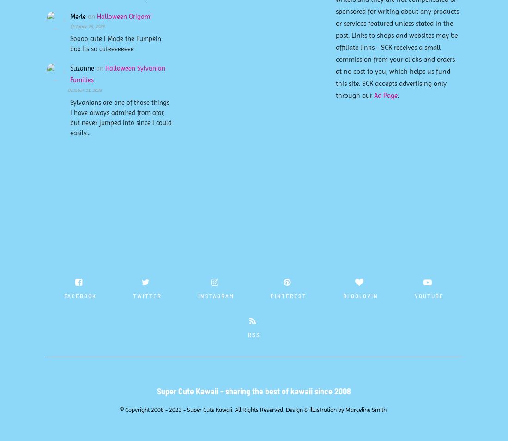 The height and width of the screenshot is (441, 508). I want to click on 'Bloglovin', so click(361, 295).